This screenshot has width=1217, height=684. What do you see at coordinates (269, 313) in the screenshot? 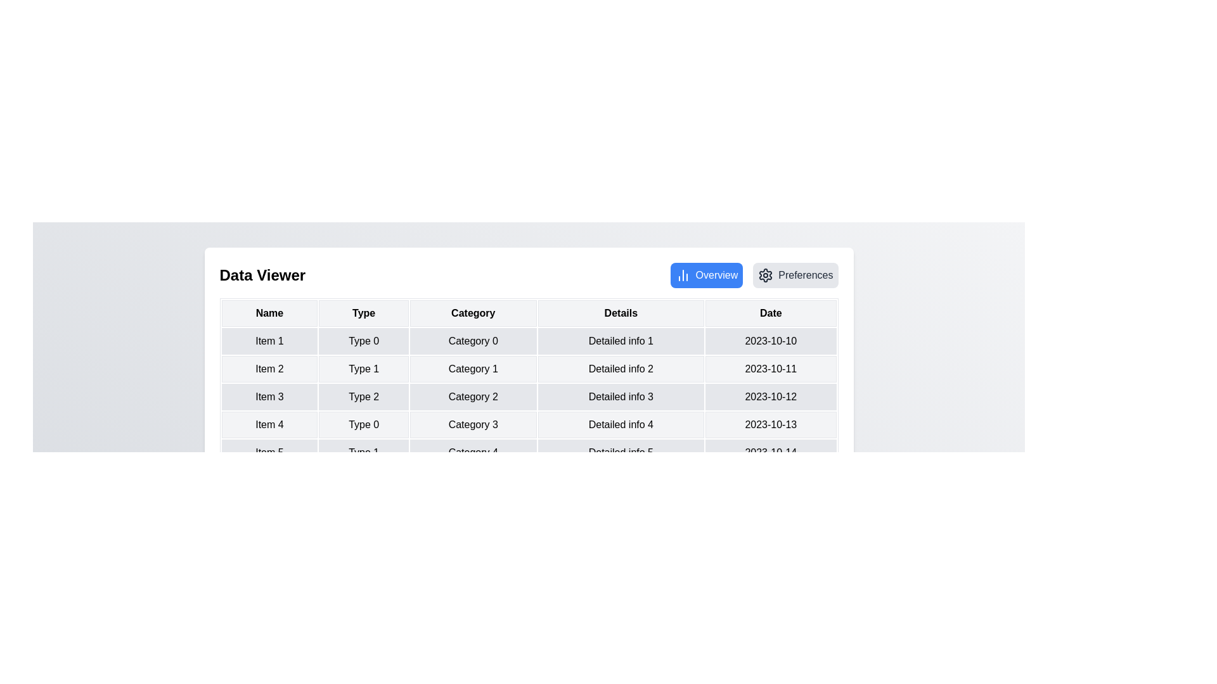
I see `the column header Name to explore sorting options` at bounding box center [269, 313].